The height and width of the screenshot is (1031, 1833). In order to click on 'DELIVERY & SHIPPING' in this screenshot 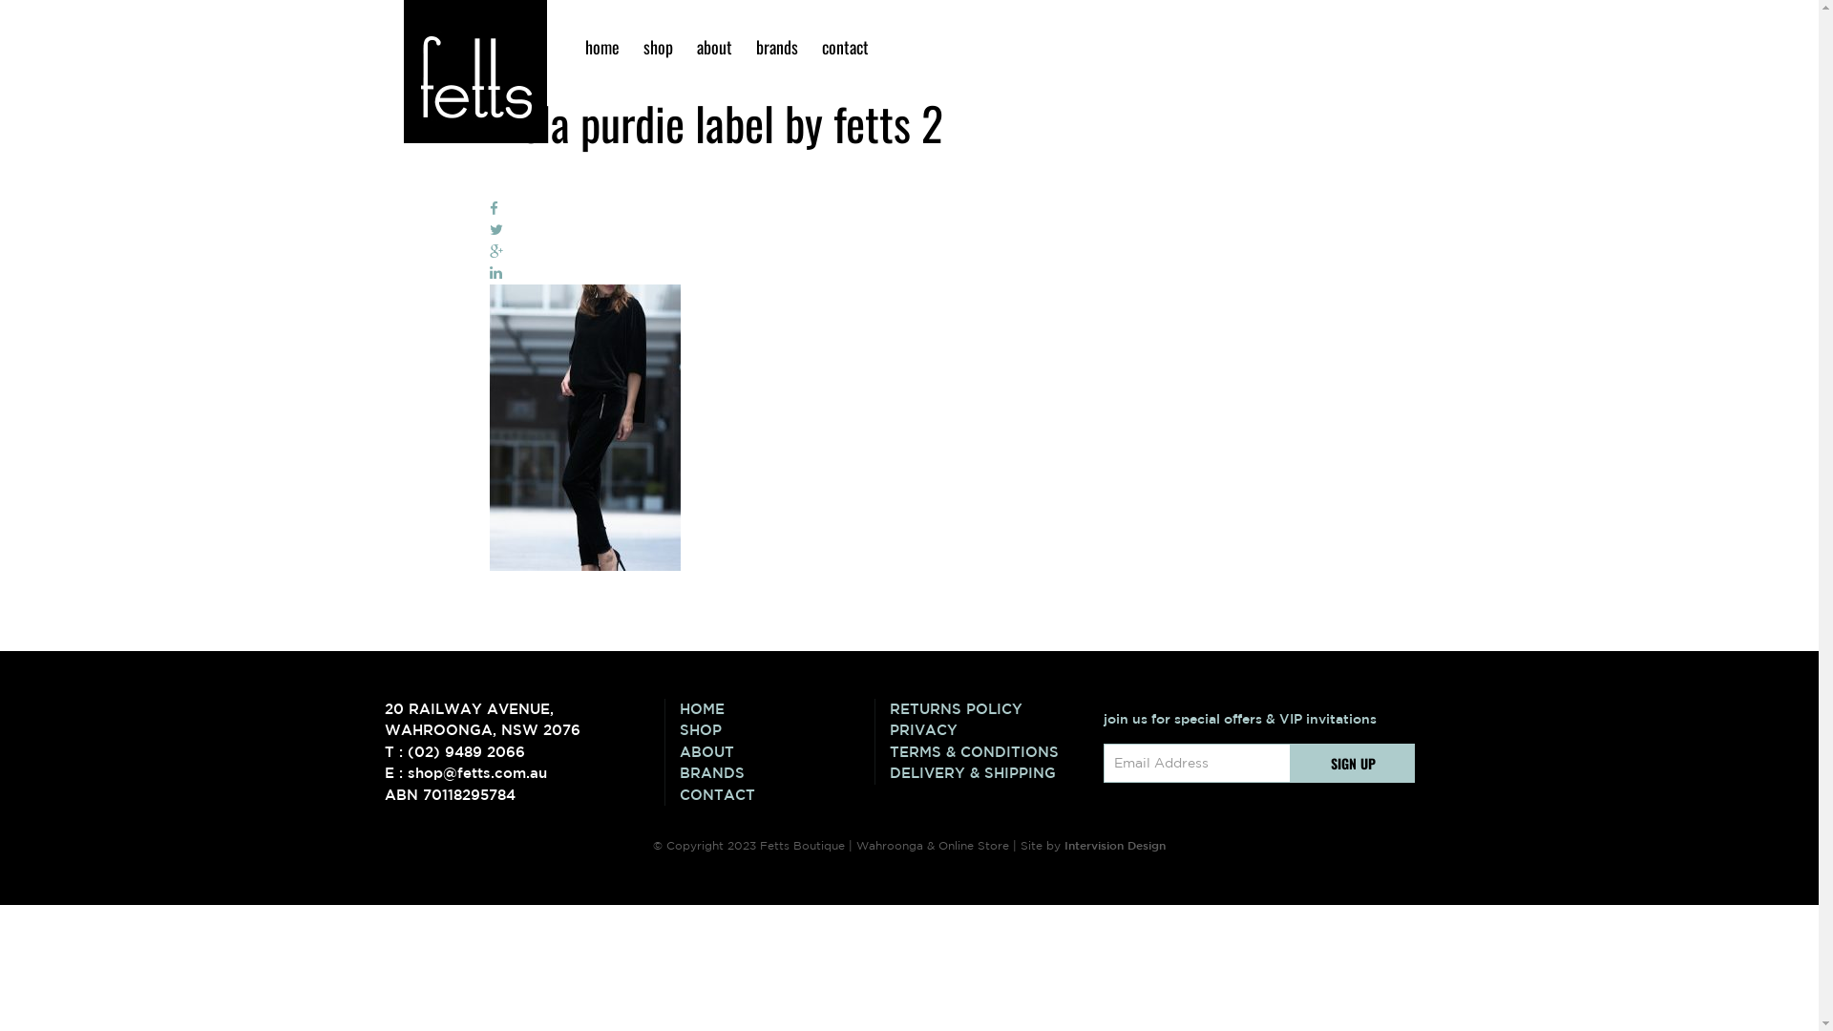, I will do `click(986, 773)`.